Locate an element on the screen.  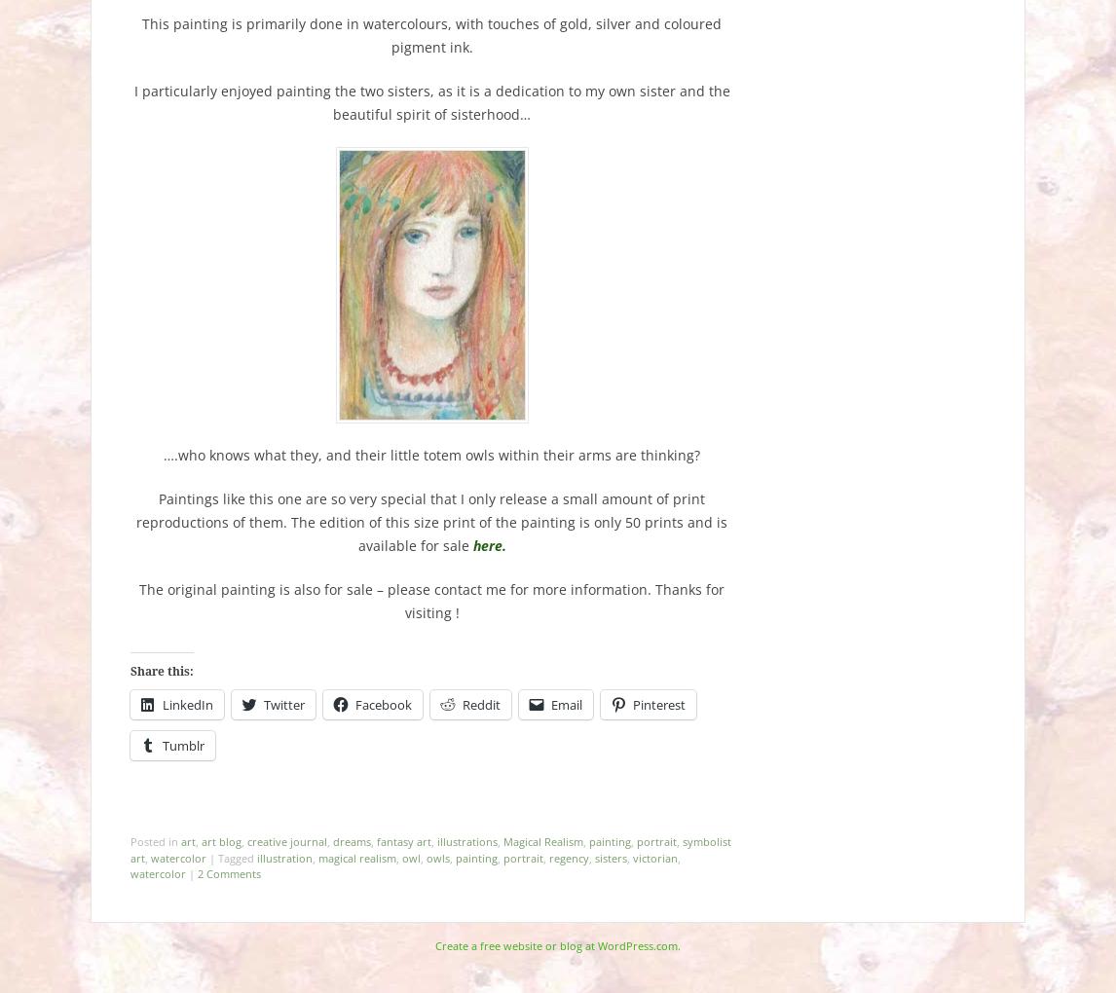
'2 Comments' is located at coordinates (229, 873).